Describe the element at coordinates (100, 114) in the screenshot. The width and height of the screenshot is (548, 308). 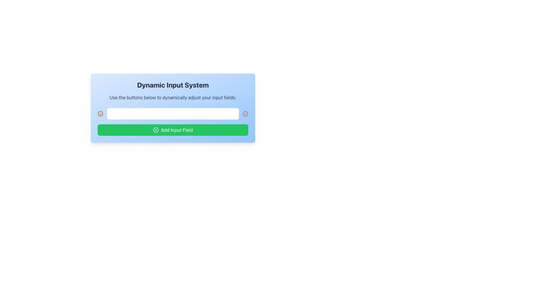
I see `the Decorative icon located on the far left of the layout, which enhances the user interface with a friendly visual element` at that location.